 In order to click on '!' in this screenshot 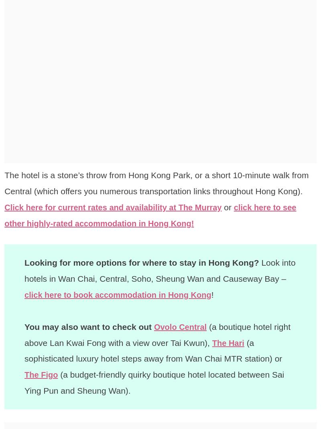, I will do `click(221, 294)`.